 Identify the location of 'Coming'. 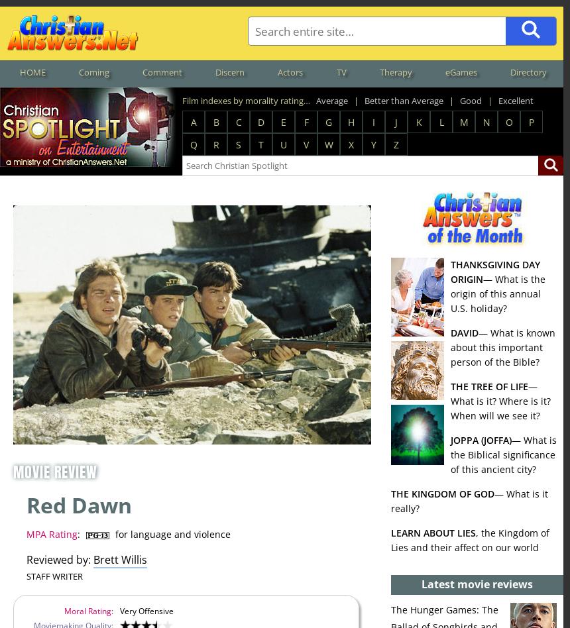
(79, 71).